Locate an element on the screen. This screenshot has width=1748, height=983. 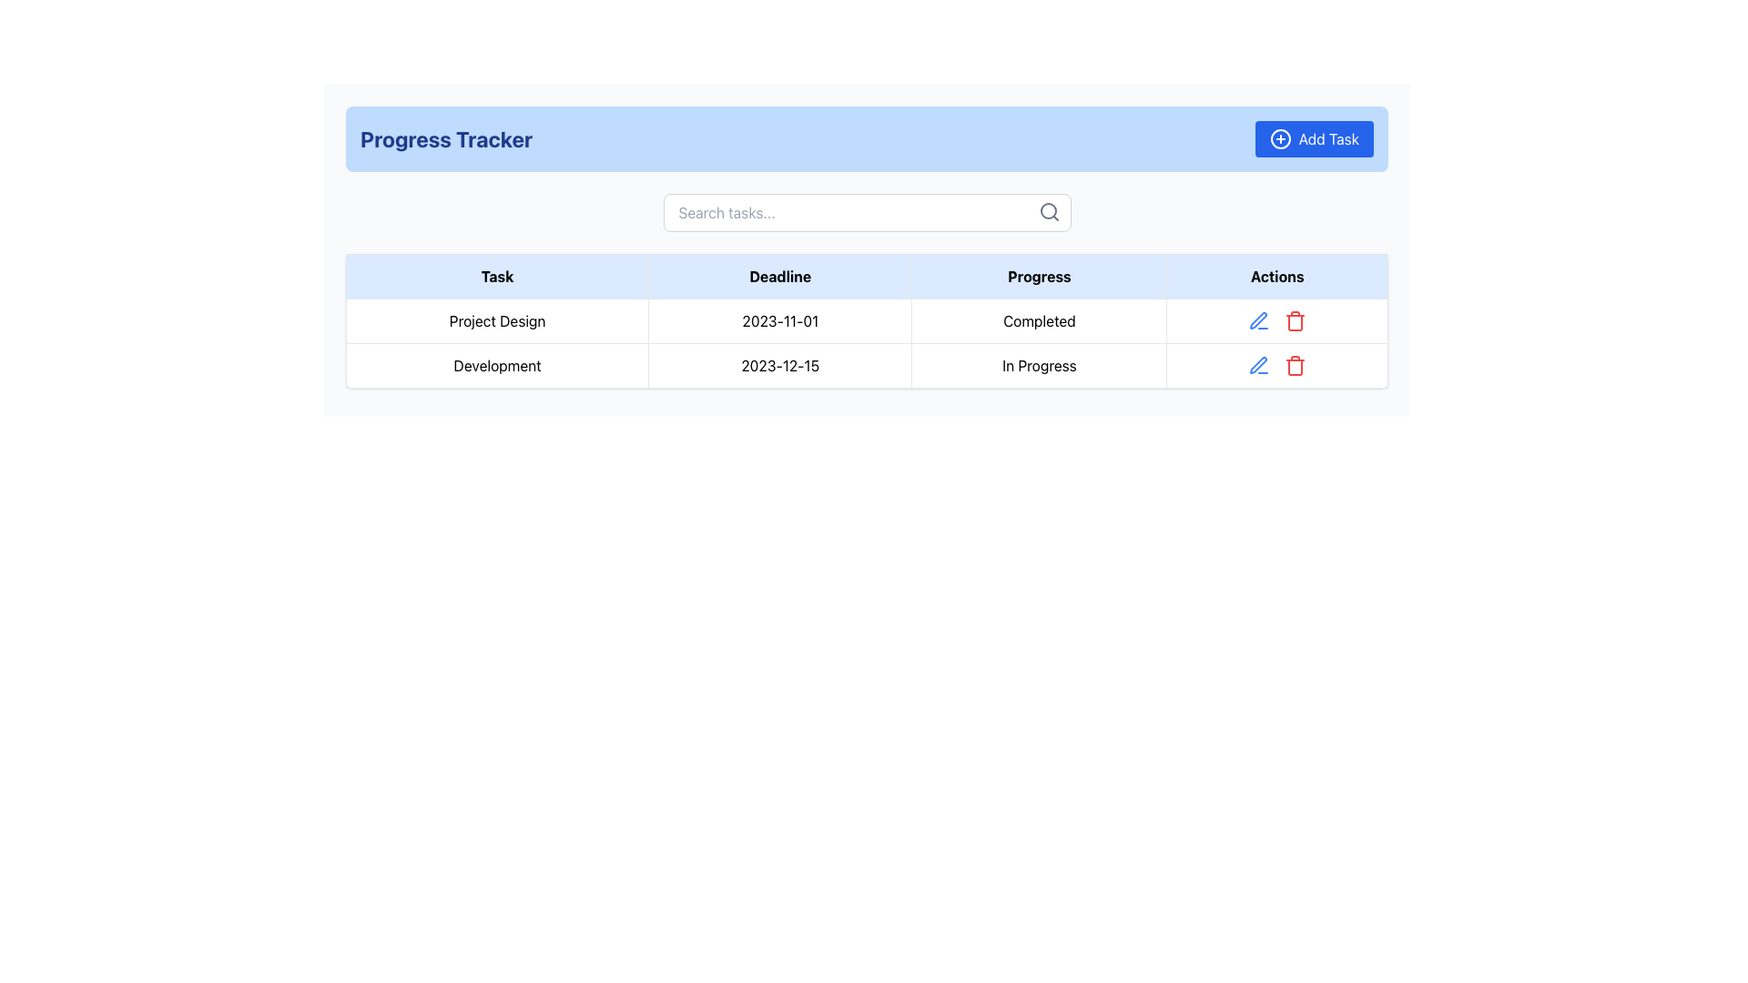
the search icon, which is a magnifying glass located to the right of the 'Search tasks...' input field, to initiate a search is located at coordinates (1049, 210).